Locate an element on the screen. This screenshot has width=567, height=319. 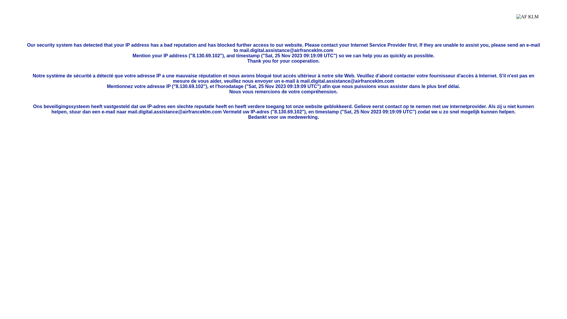
'AF KLM' is located at coordinates (527, 21).